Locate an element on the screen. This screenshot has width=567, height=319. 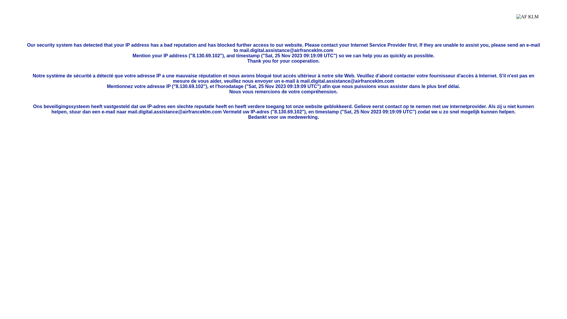
'AF KLM' is located at coordinates (527, 21).